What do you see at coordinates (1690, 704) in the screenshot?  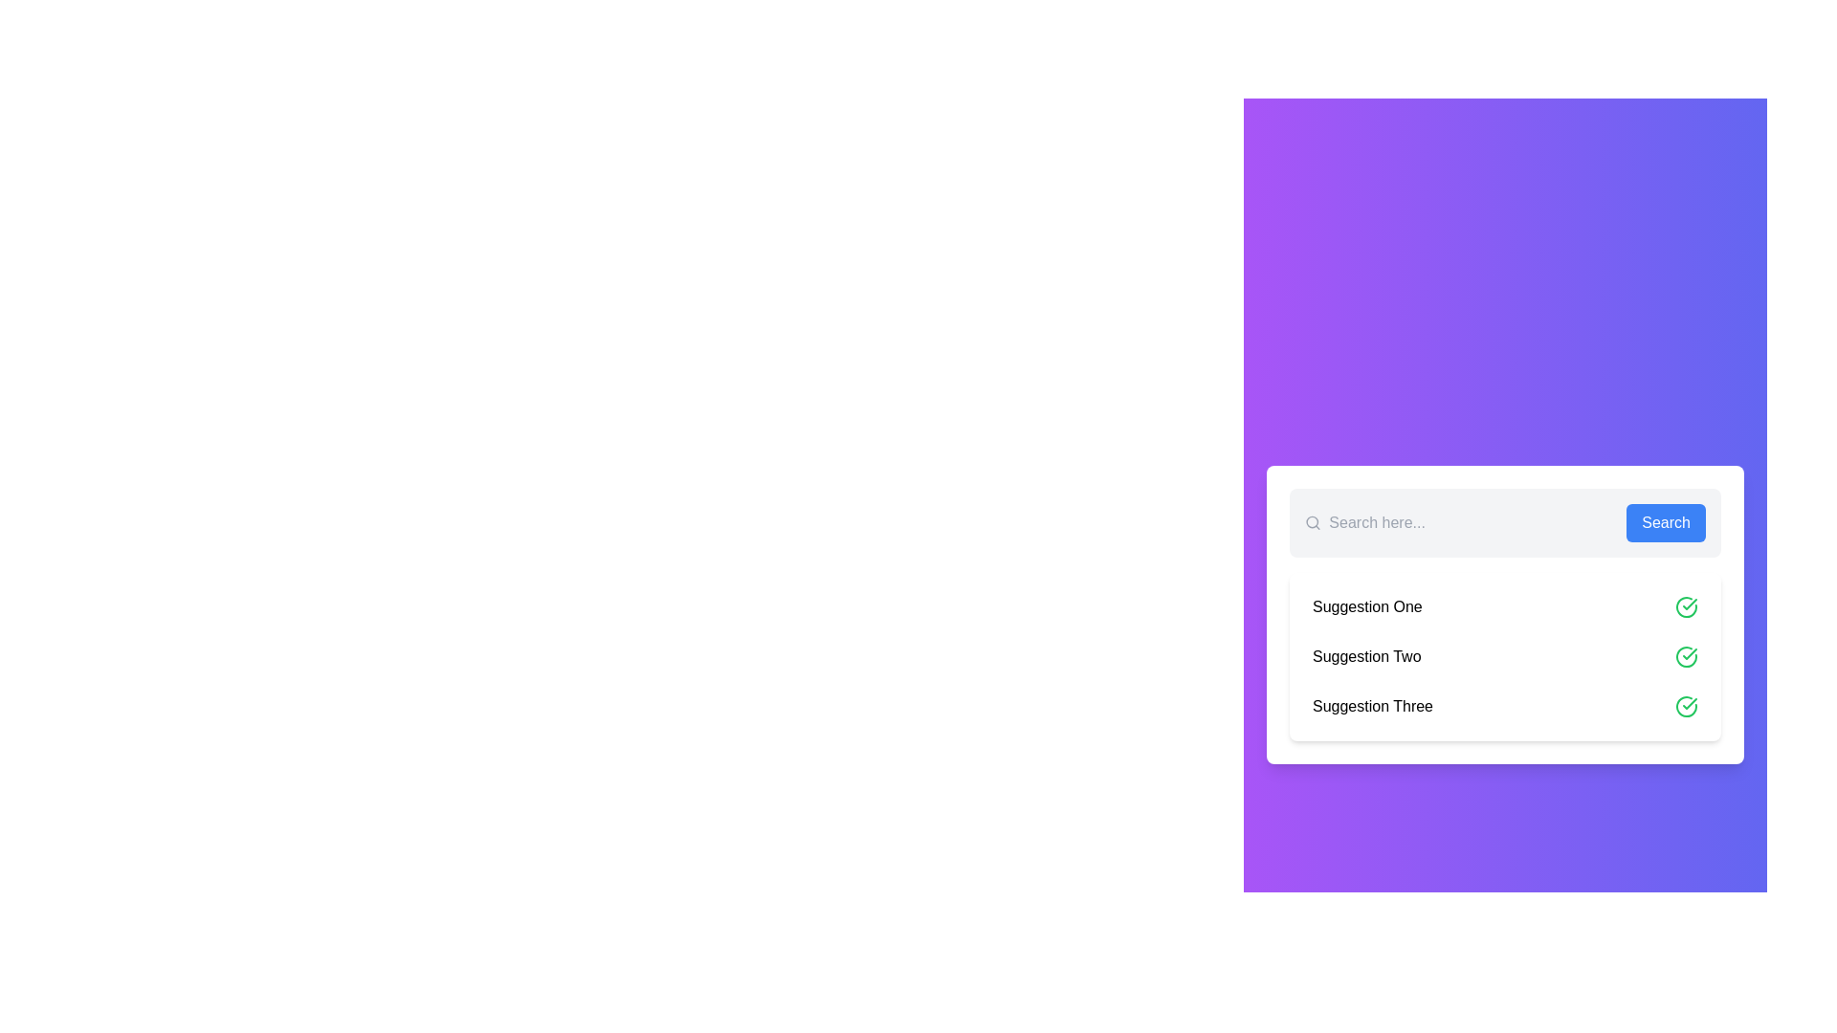 I see `the green checkmark icon within the circular outline, located to the right of the text 'Suggestion Three' in the list, indicating a completed action` at bounding box center [1690, 704].